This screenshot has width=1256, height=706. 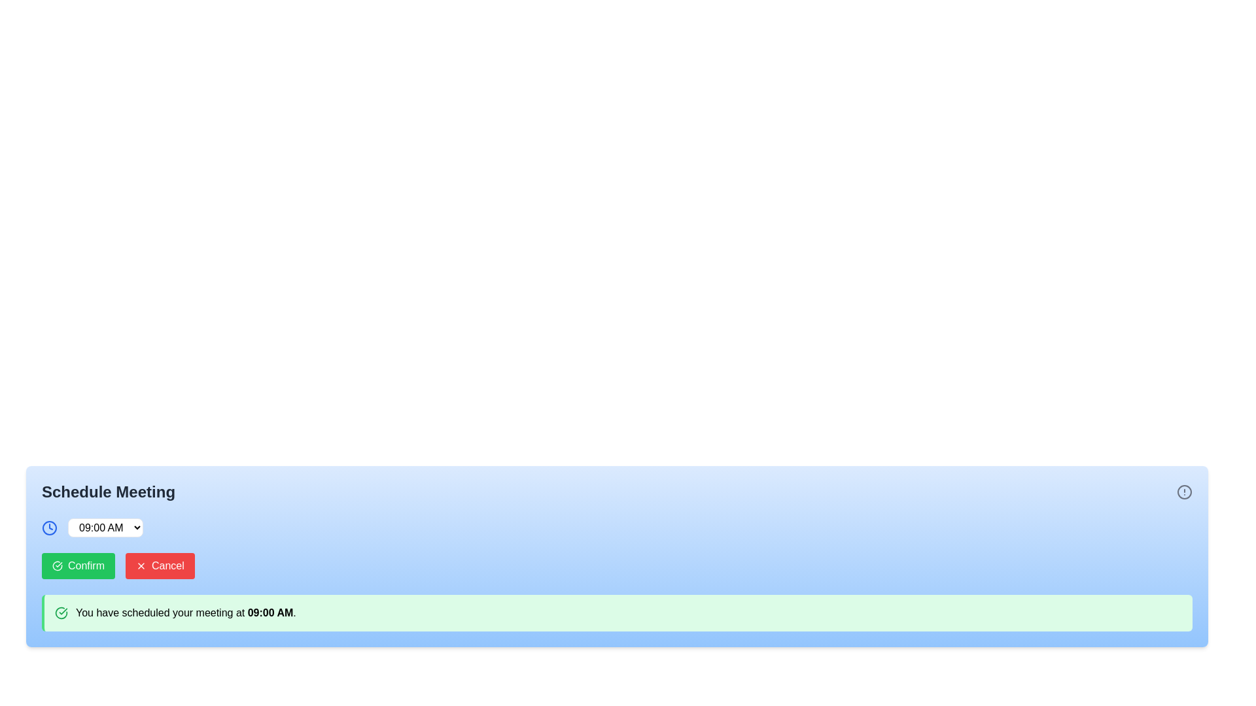 What do you see at coordinates (61, 613) in the screenshot?
I see `the circular green checkmark icon located to the left of the notification text 'You have scheduled your meeting at 09:00 AM.'` at bounding box center [61, 613].